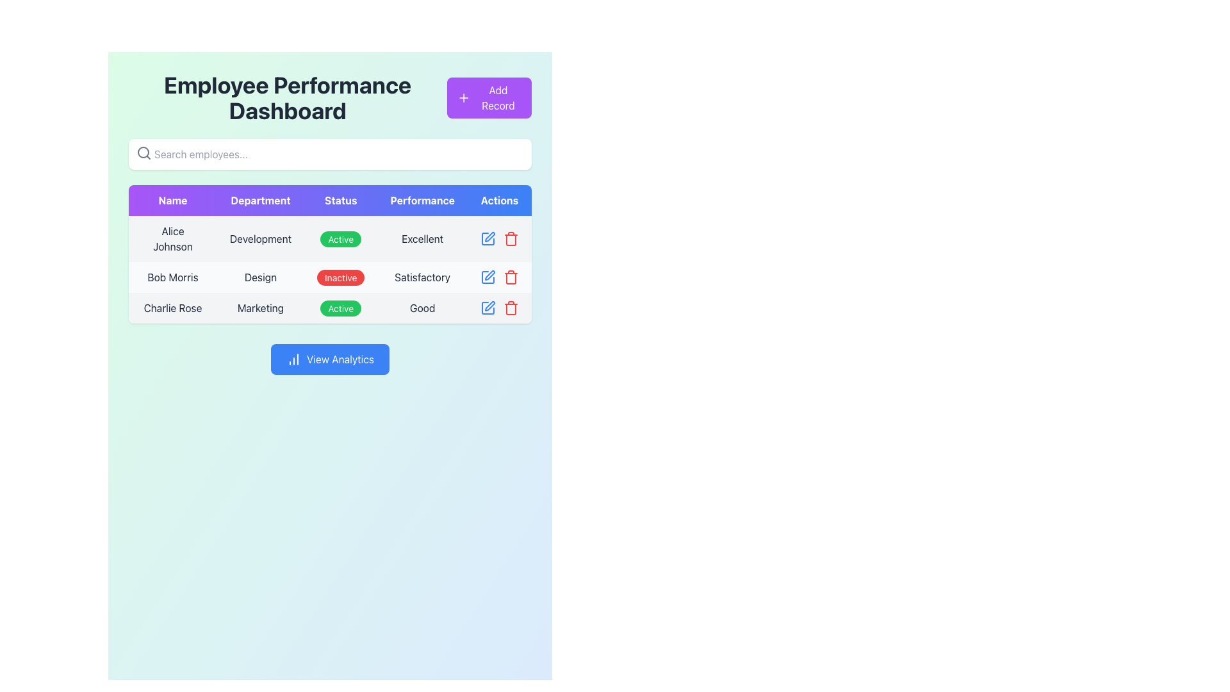  What do you see at coordinates (488, 239) in the screenshot?
I see `the edit action icon located in the 'Actions' column of the row corresponding to 'Alice Johnson' to initialize an edit action` at bounding box center [488, 239].